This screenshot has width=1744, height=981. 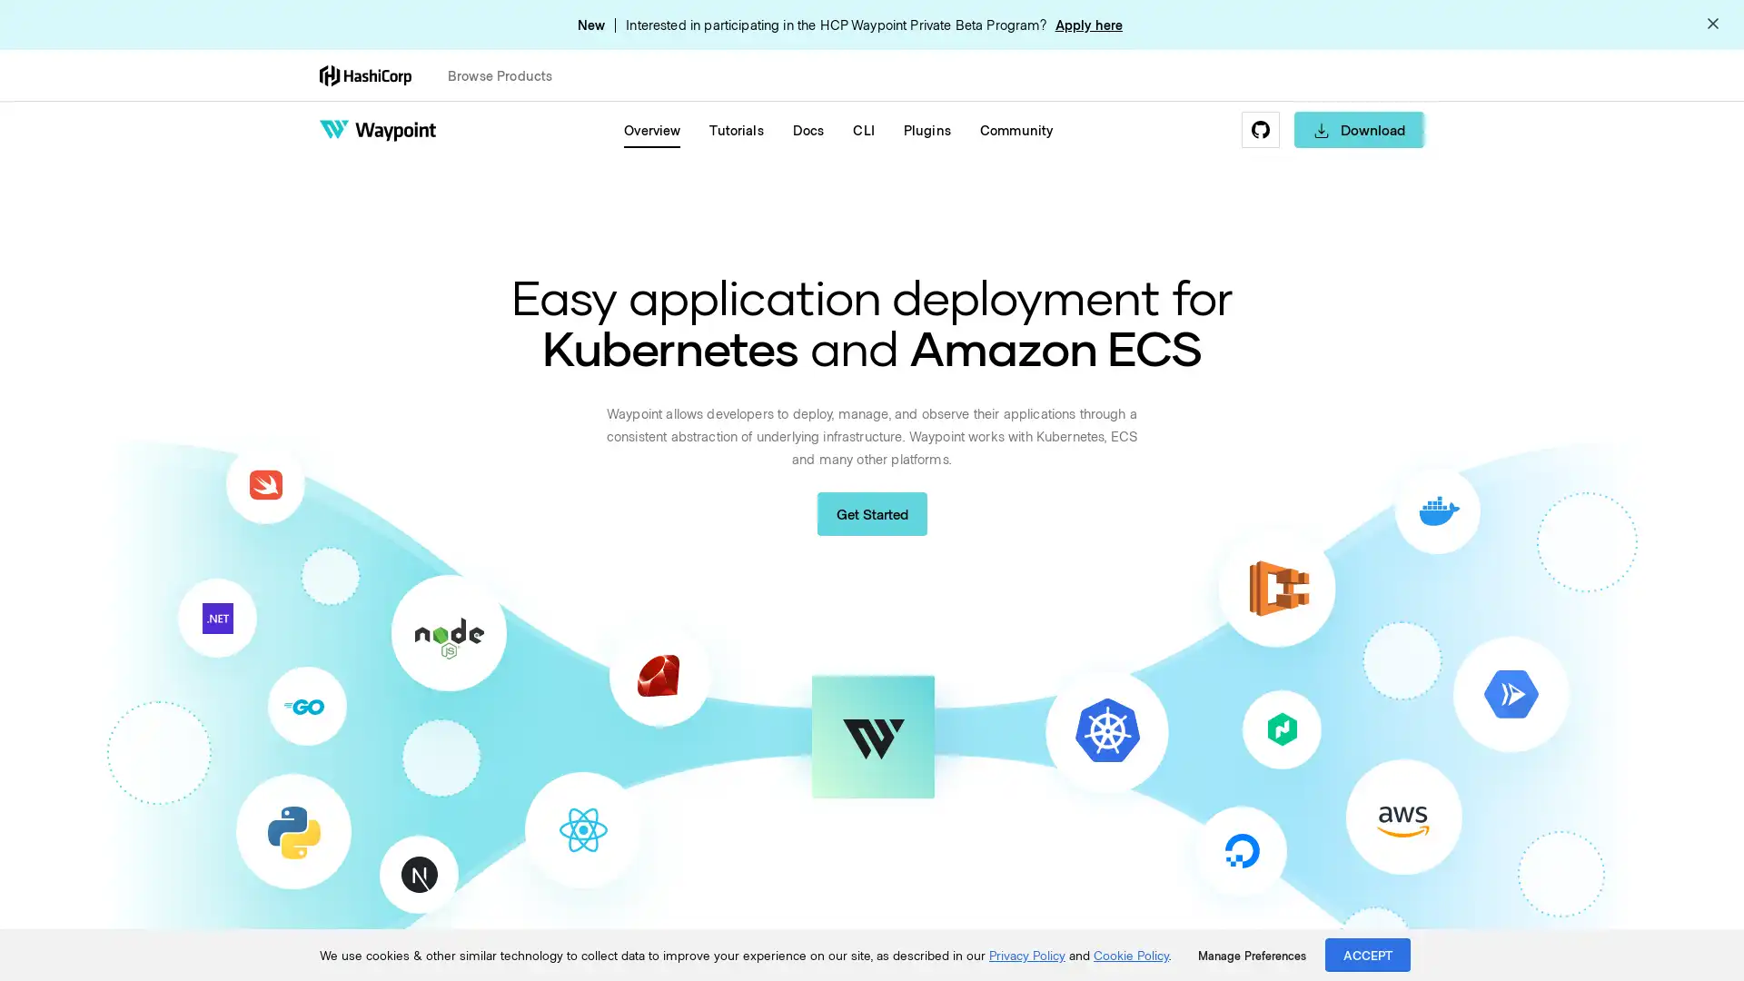 I want to click on Dismiss alert, so click(x=1712, y=25).